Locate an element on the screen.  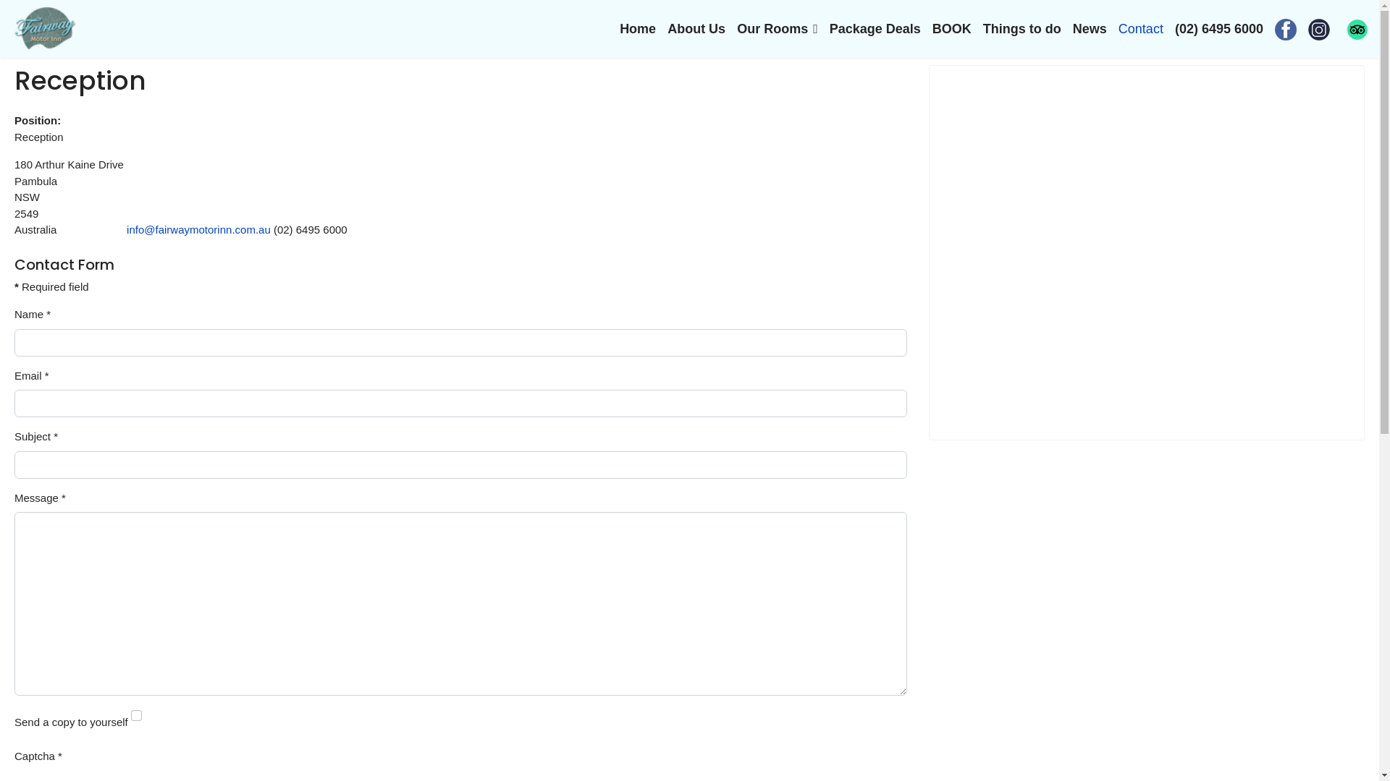
'BOOK' is located at coordinates (952, 28).